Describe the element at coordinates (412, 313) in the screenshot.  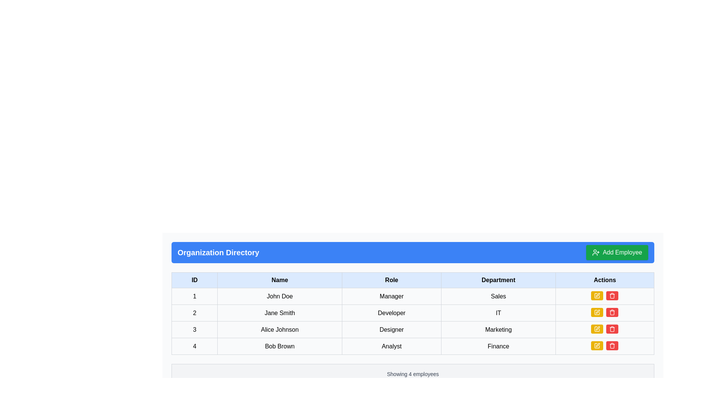
I see `the Data Table Row displaying information about employee Jane Smith, which is the second row in the employee table` at that location.